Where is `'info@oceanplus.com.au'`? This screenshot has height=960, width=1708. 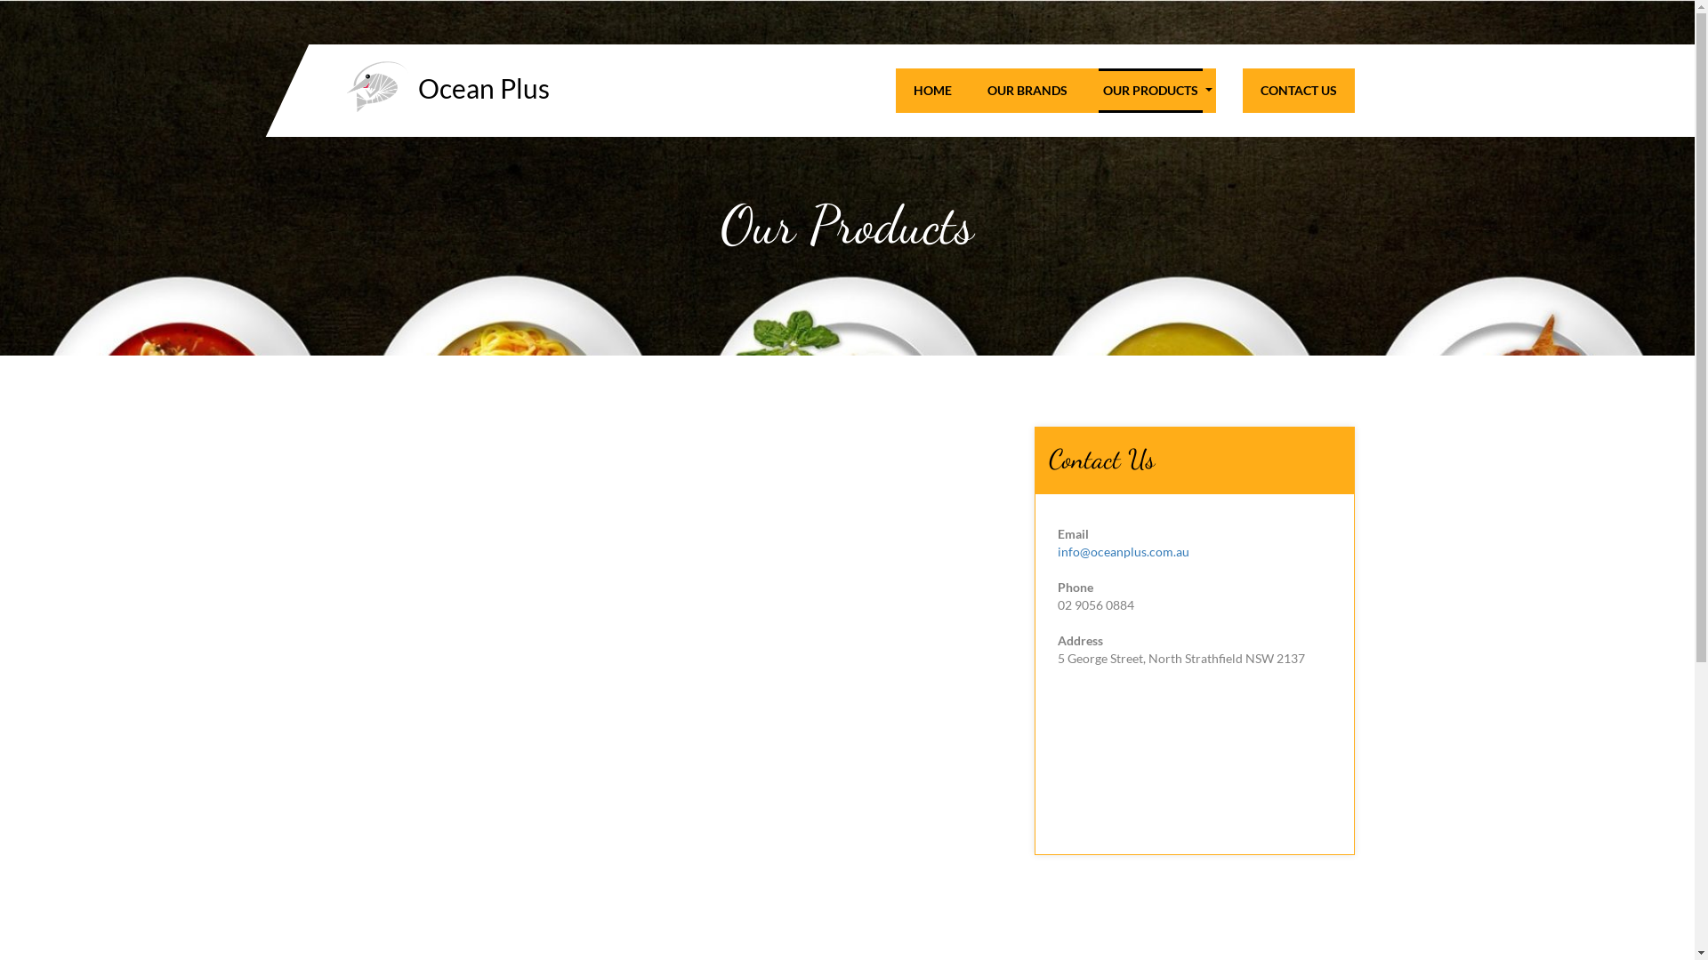
'info@oceanplus.com.au' is located at coordinates (1122, 550).